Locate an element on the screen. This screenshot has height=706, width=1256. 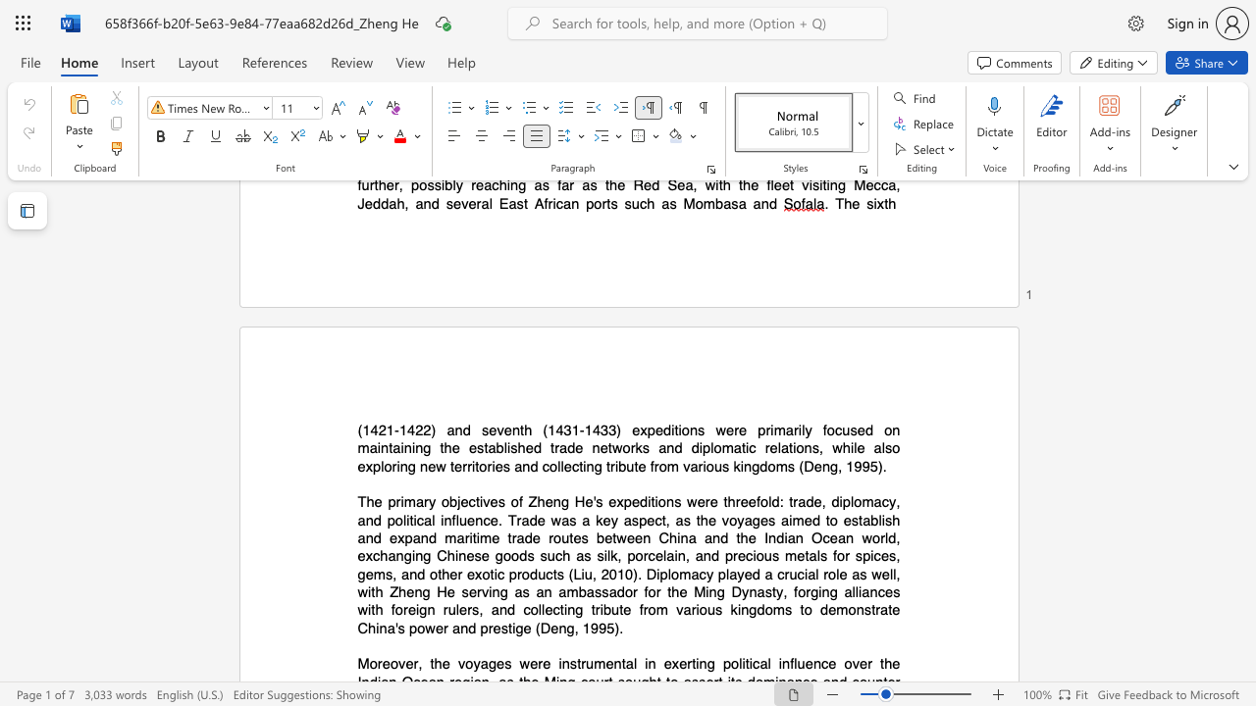
the space between the continuous character "f" and "o" in the text is located at coordinates (827, 429).